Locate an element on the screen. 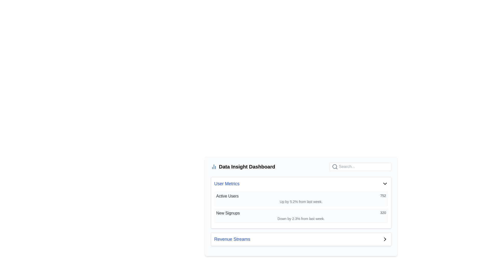  the small right-facing chevron-shaped SVG icon located in the 'Revenue Streams' section at the bottom-right corner of the white card frame is located at coordinates (385, 239).